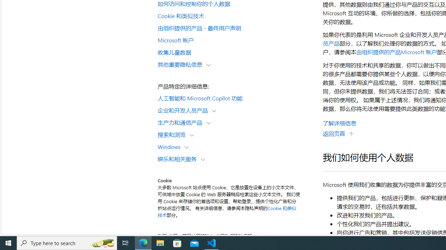  I want to click on 'Windows', so click(170, 146).